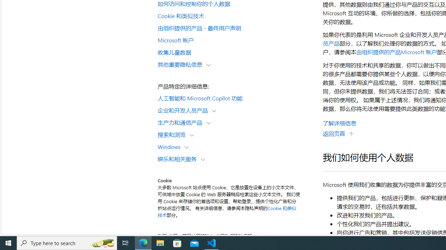  I want to click on 'Windows', so click(170, 146).